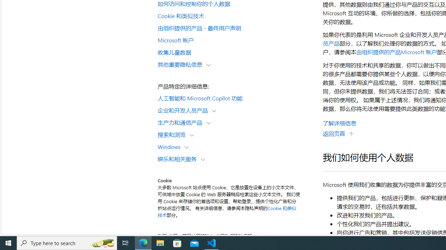  I want to click on 'Windows', so click(170, 146).